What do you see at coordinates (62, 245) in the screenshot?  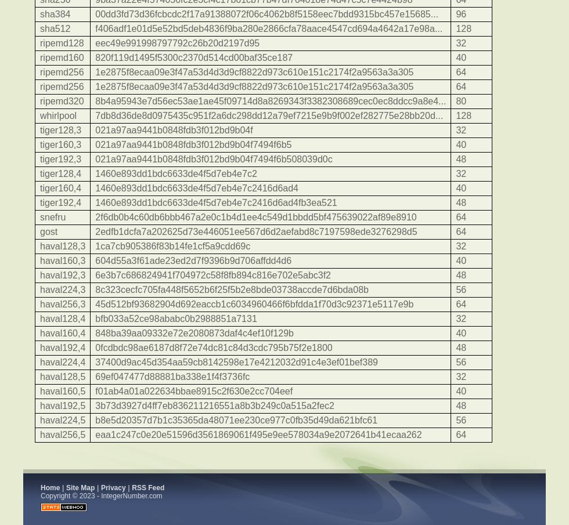 I see `'haval128,3'` at bounding box center [62, 245].